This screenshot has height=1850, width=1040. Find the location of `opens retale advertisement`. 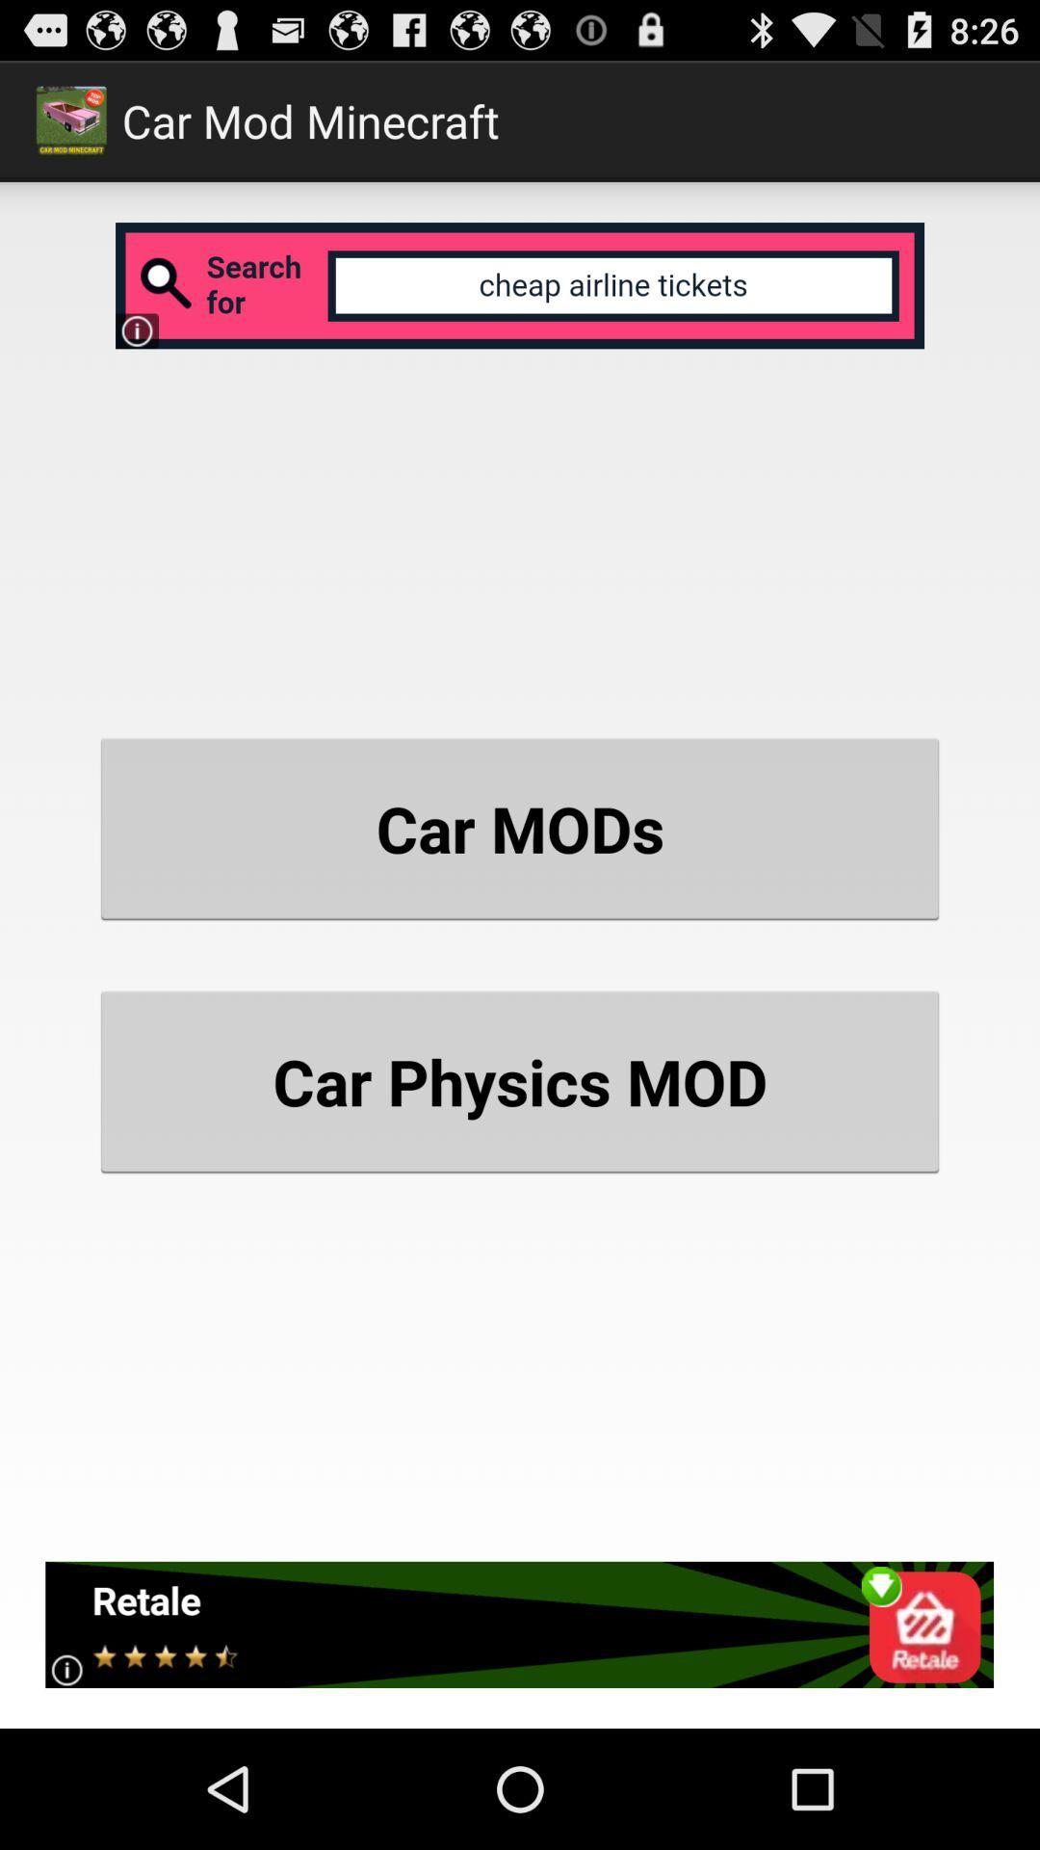

opens retale advertisement is located at coordinates (518, 1624).